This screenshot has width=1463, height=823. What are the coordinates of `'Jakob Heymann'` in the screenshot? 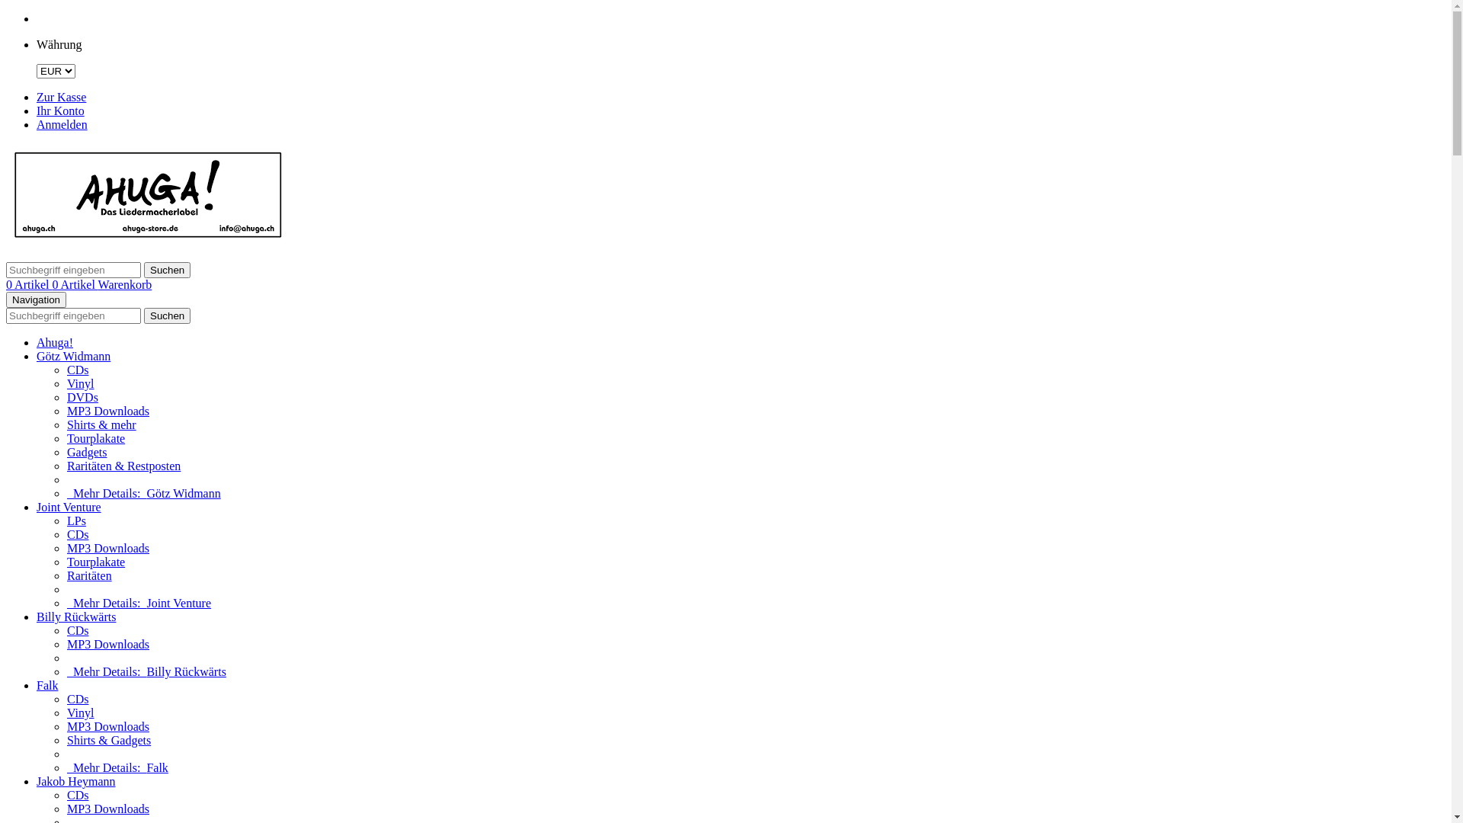 It's located at (75, 781).